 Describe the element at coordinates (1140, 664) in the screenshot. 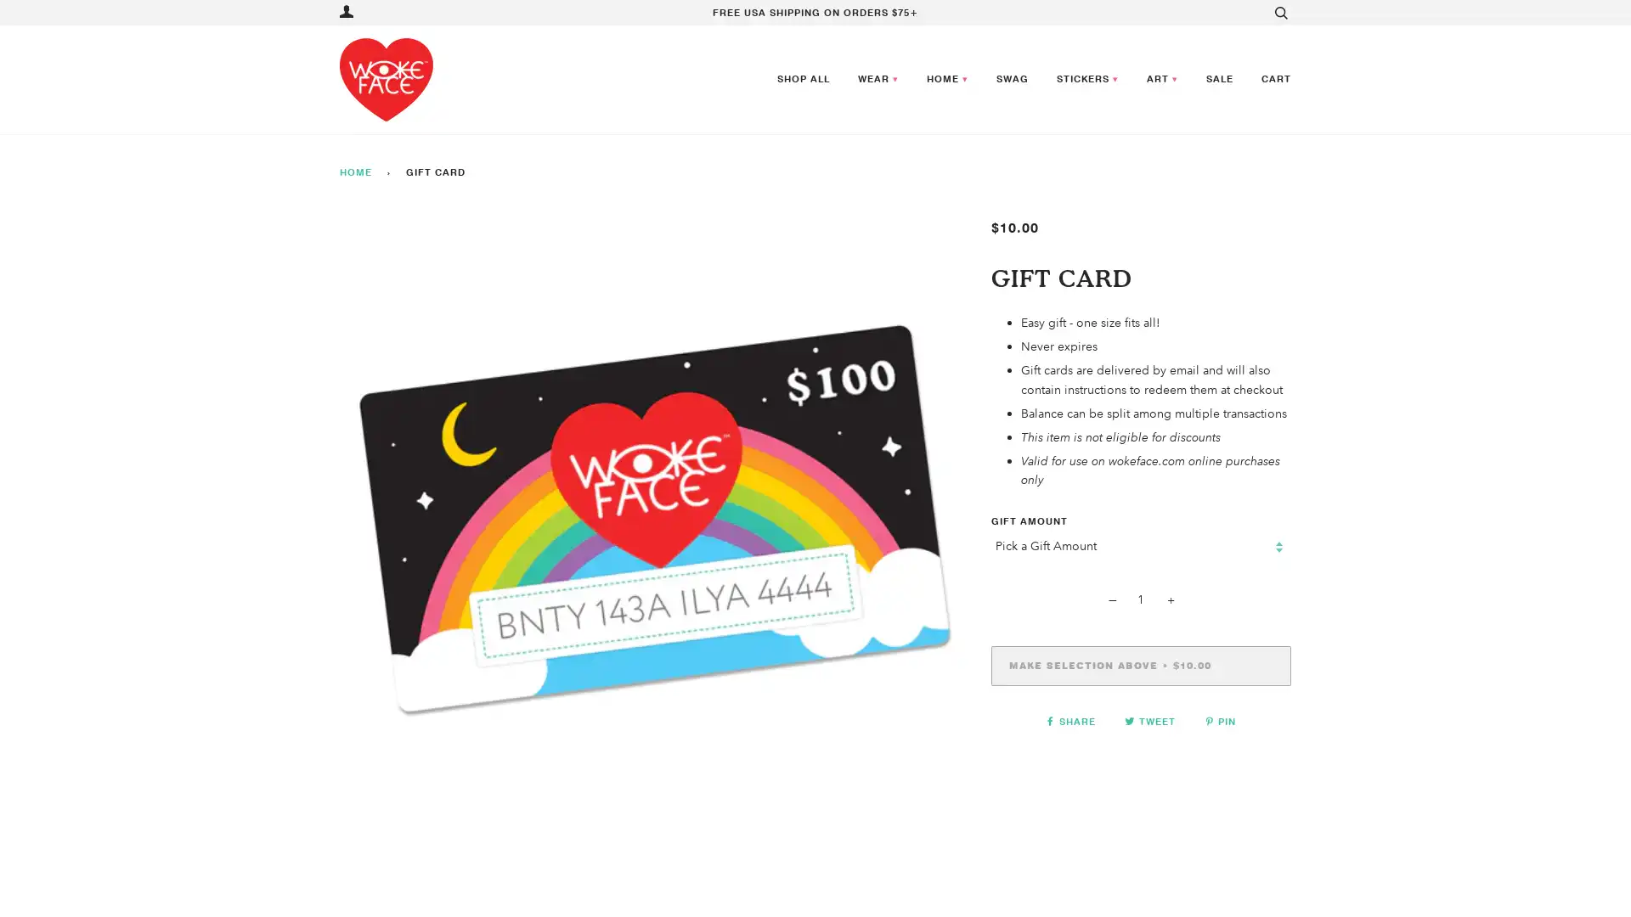

I see `MAKE SELECTION ABOVE  $10.00` at that location.